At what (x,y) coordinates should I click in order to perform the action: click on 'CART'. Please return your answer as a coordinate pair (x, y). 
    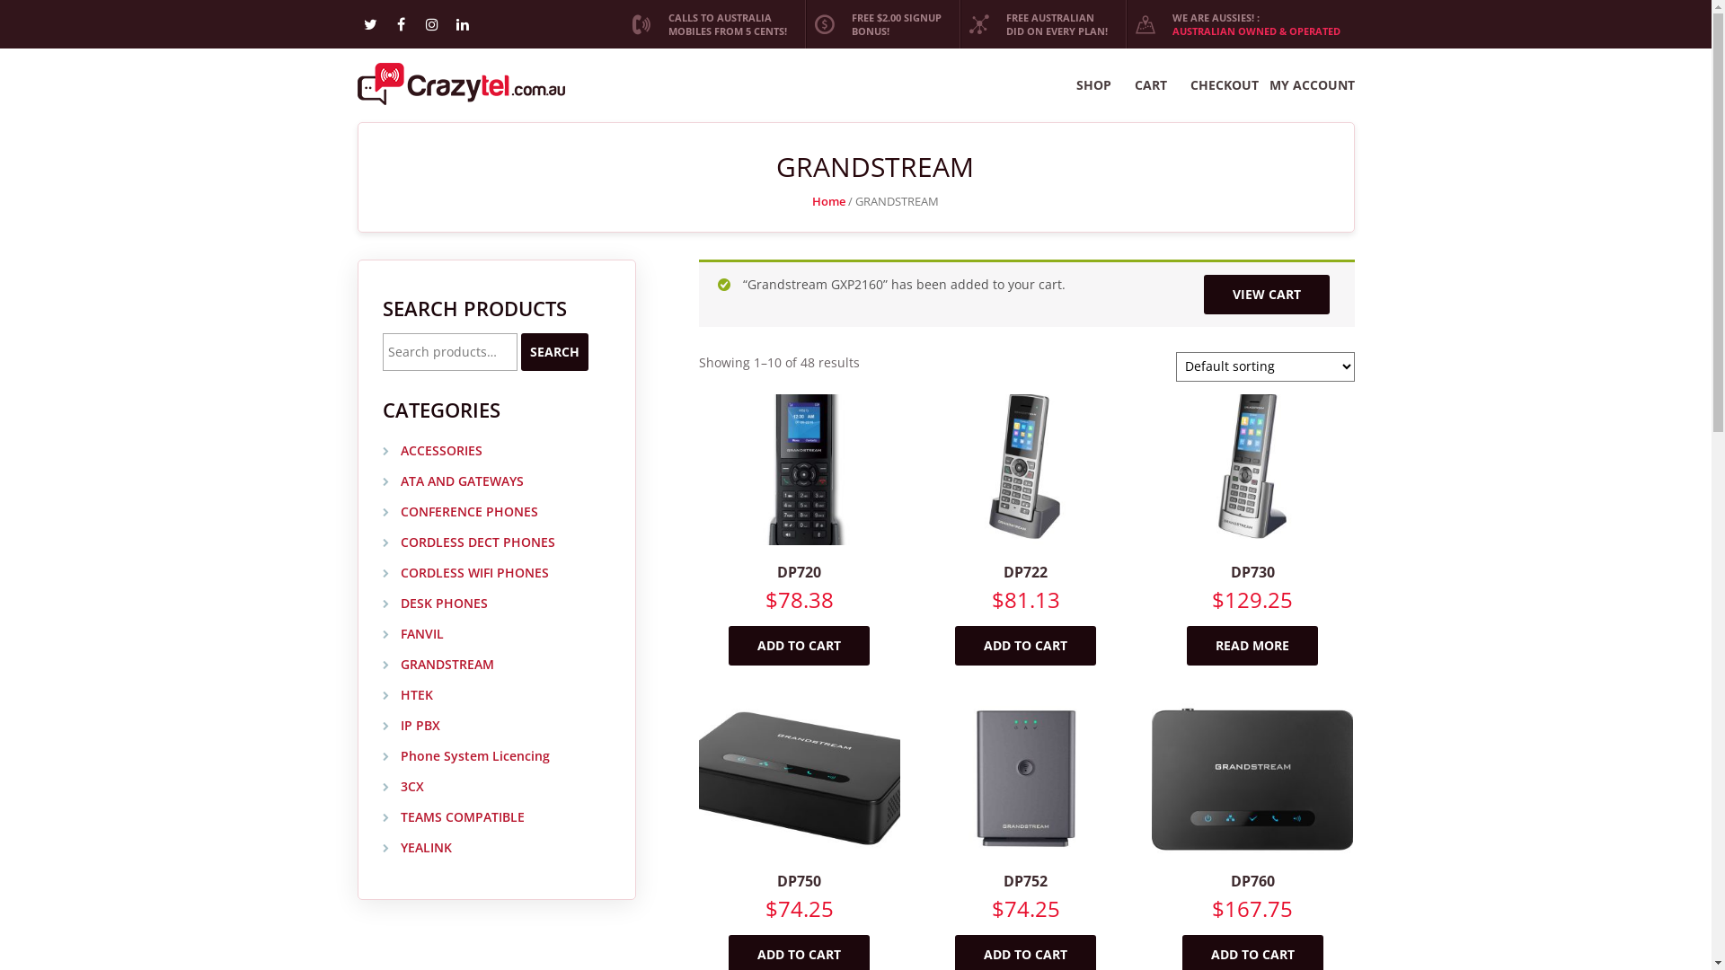
    Looking at the image, I should click on (1150, 85).